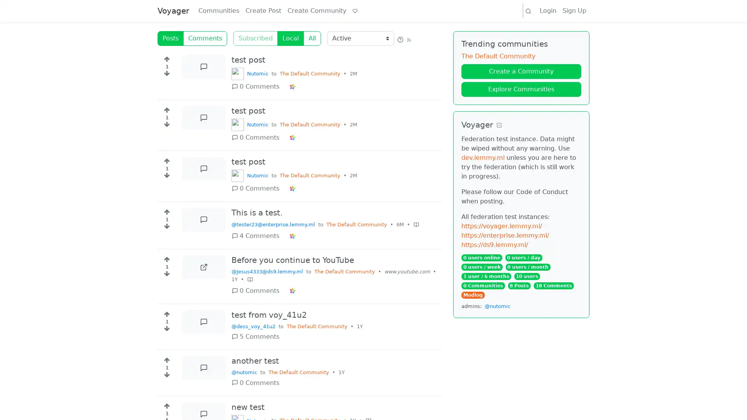 This screenshot has width=747, height=420. Describe the element at coordinates (166, 126) in the screenshot. I see `Downvote` at that location.